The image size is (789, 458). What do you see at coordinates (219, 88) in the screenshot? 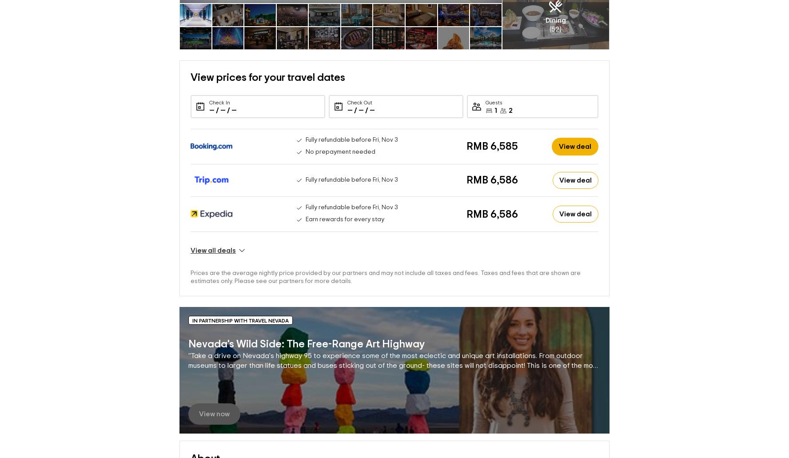
I see `'Check In'` at bounding box center [219, 88].